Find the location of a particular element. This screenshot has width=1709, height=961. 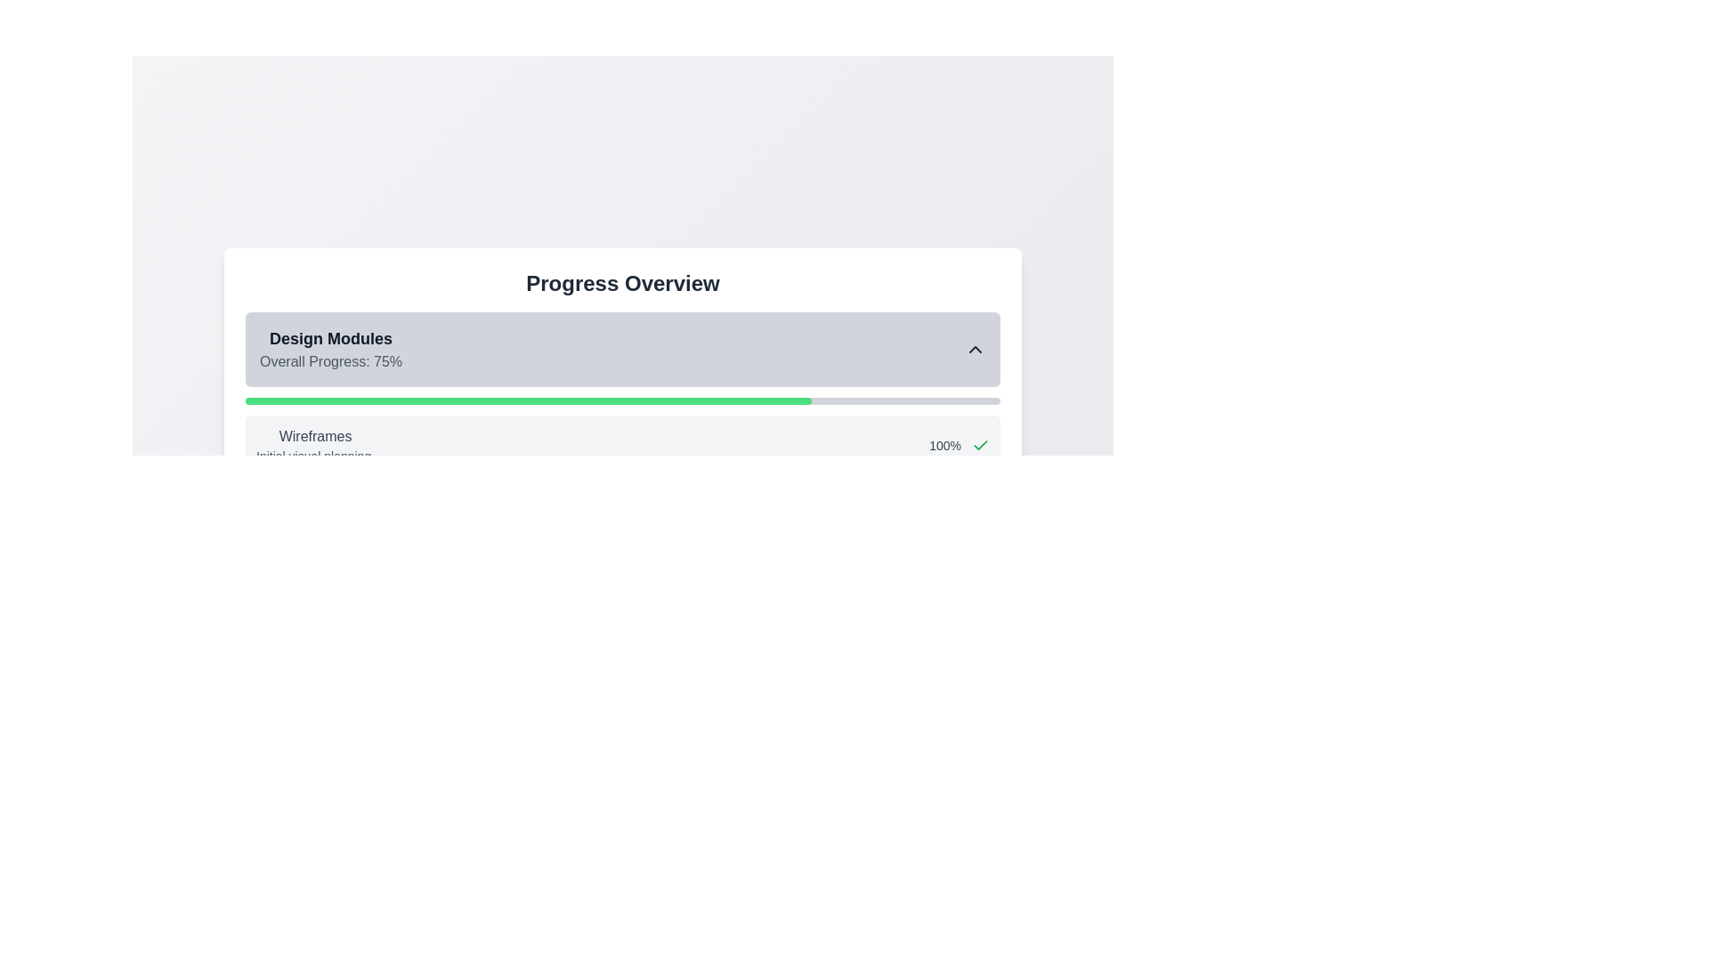

text displayed in the Text Display component, which shows 'Design Modules' and 'Overall Progress: 75%' on a light gray background is located at coordinates (331, 350).